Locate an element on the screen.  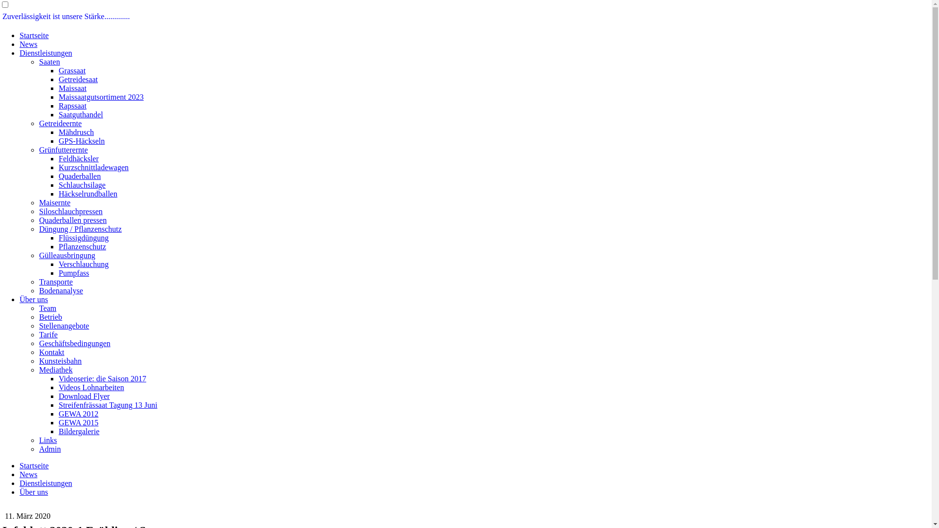
'Stellenangebote' is located at coordinates (39, 326).